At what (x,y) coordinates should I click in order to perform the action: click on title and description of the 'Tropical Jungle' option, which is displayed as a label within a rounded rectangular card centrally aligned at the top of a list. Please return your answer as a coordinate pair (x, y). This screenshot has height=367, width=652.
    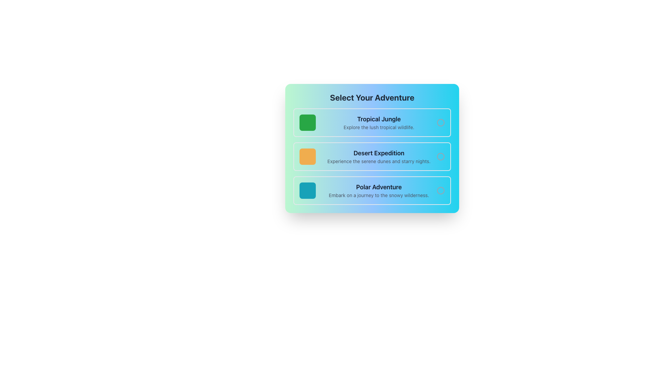
    Looking at the image, I should click on (379, 123).